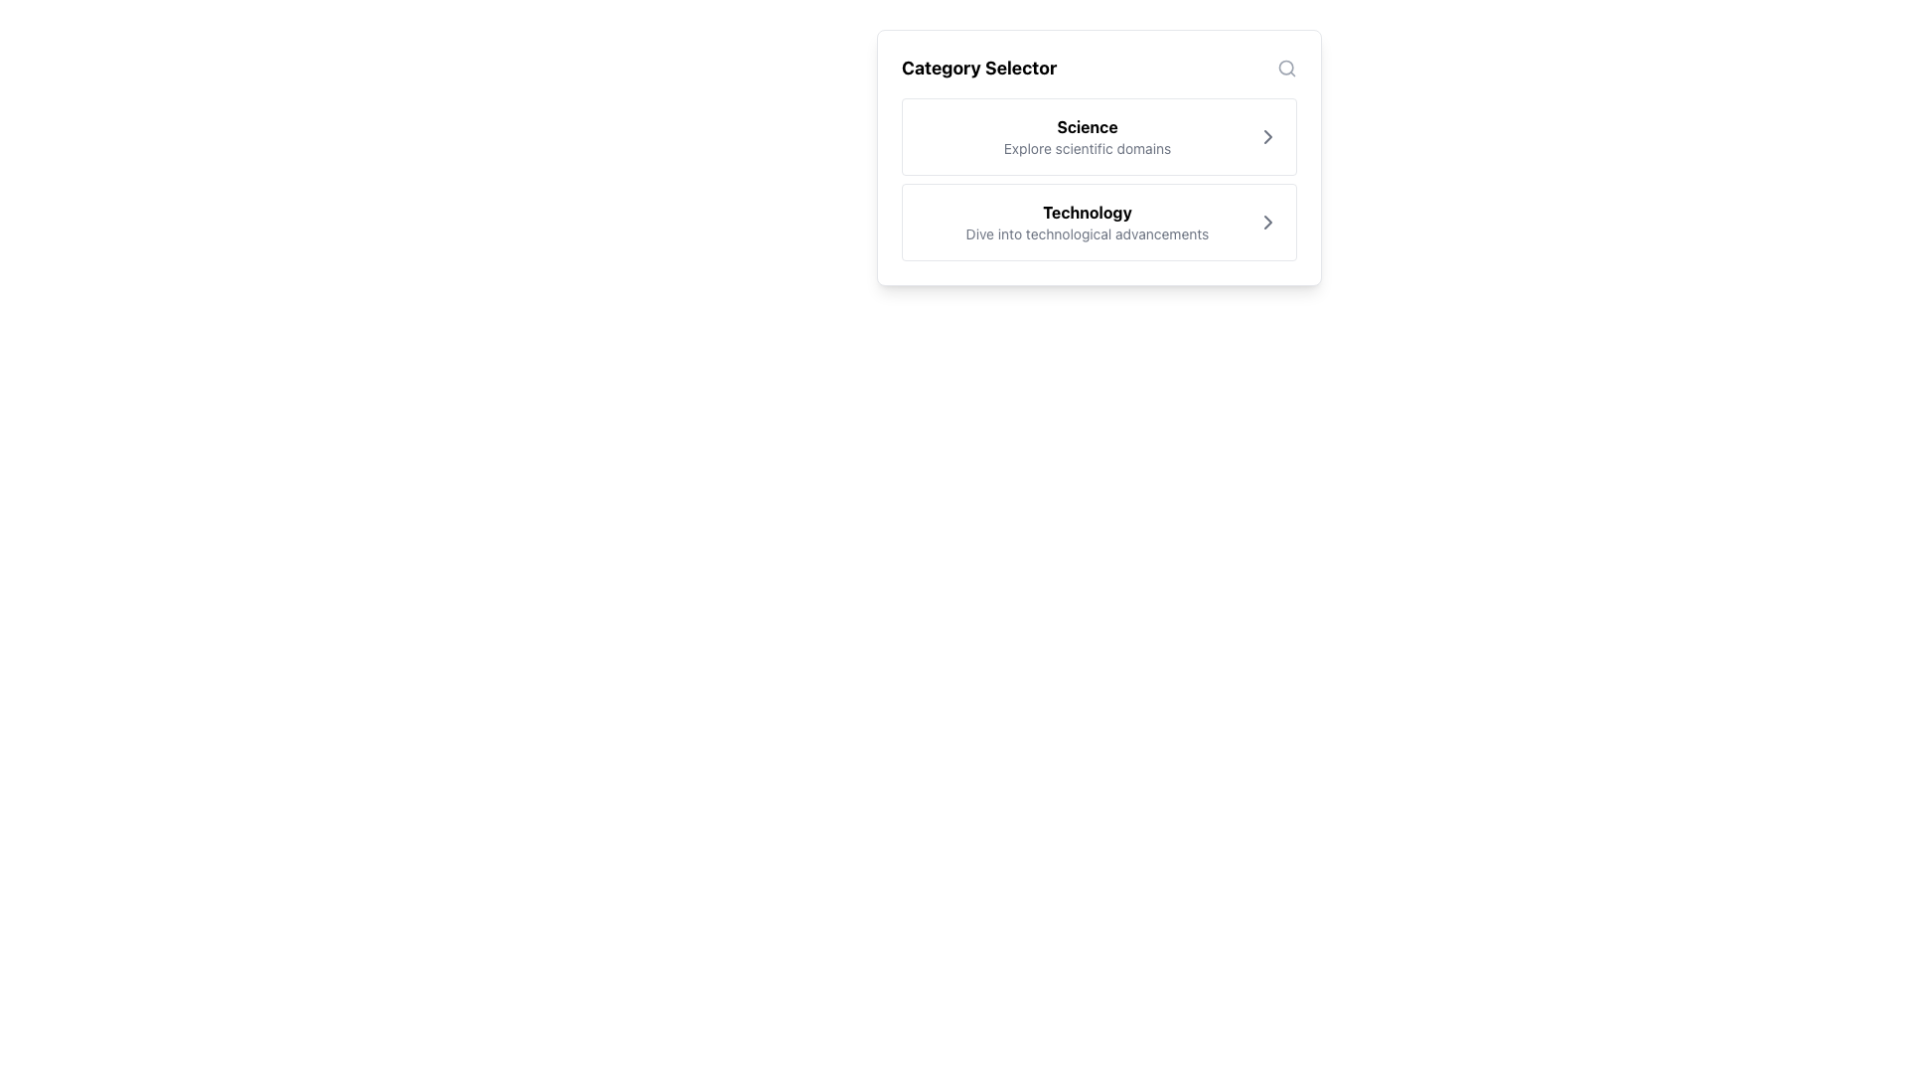 The width and height of the screenshot is (1907, 1073). Describe the element at coordinates (1266, 222) in the screenshot. I see `the disabled arrow icon located in the bottom-right corner of the 'Technology' category list. This icon is styled in gray and resembles a '>' symbol, indicating it is inactive` at that location.